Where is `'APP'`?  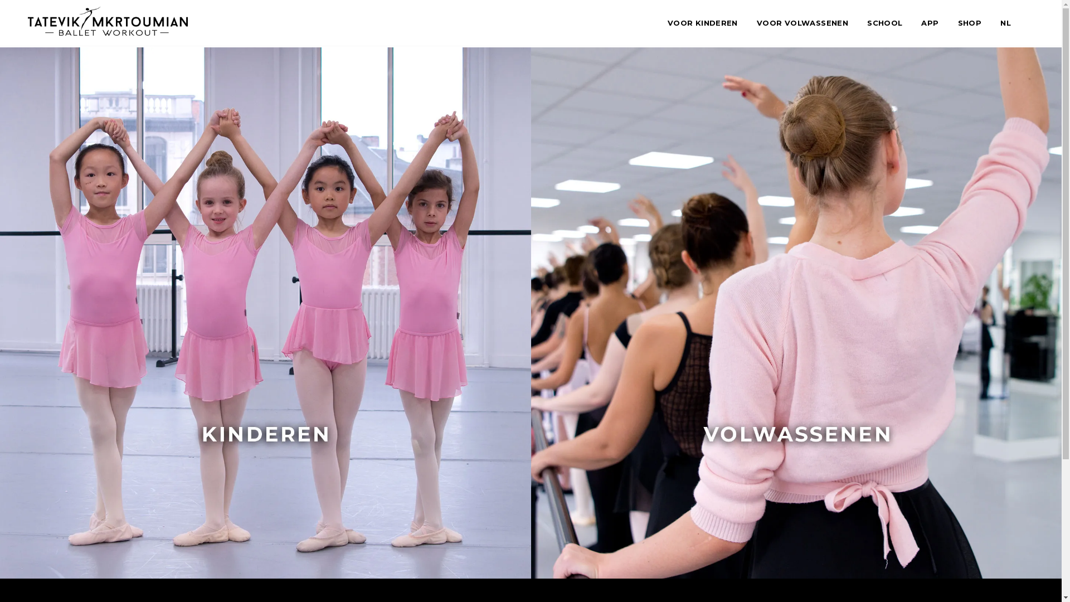
'APP' is located at coordinates (930, 23).